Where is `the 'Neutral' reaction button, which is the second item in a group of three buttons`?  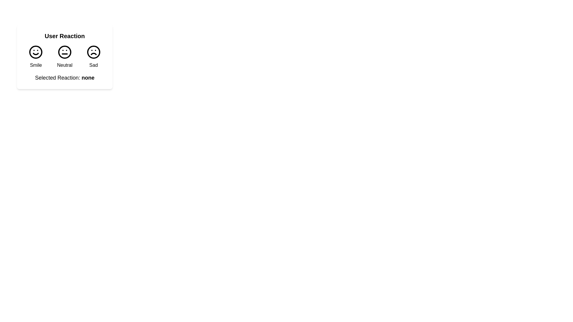
the 'Neutral' reaction button, which is the second item in a group of three buttons is located at coordinates (64, 57).